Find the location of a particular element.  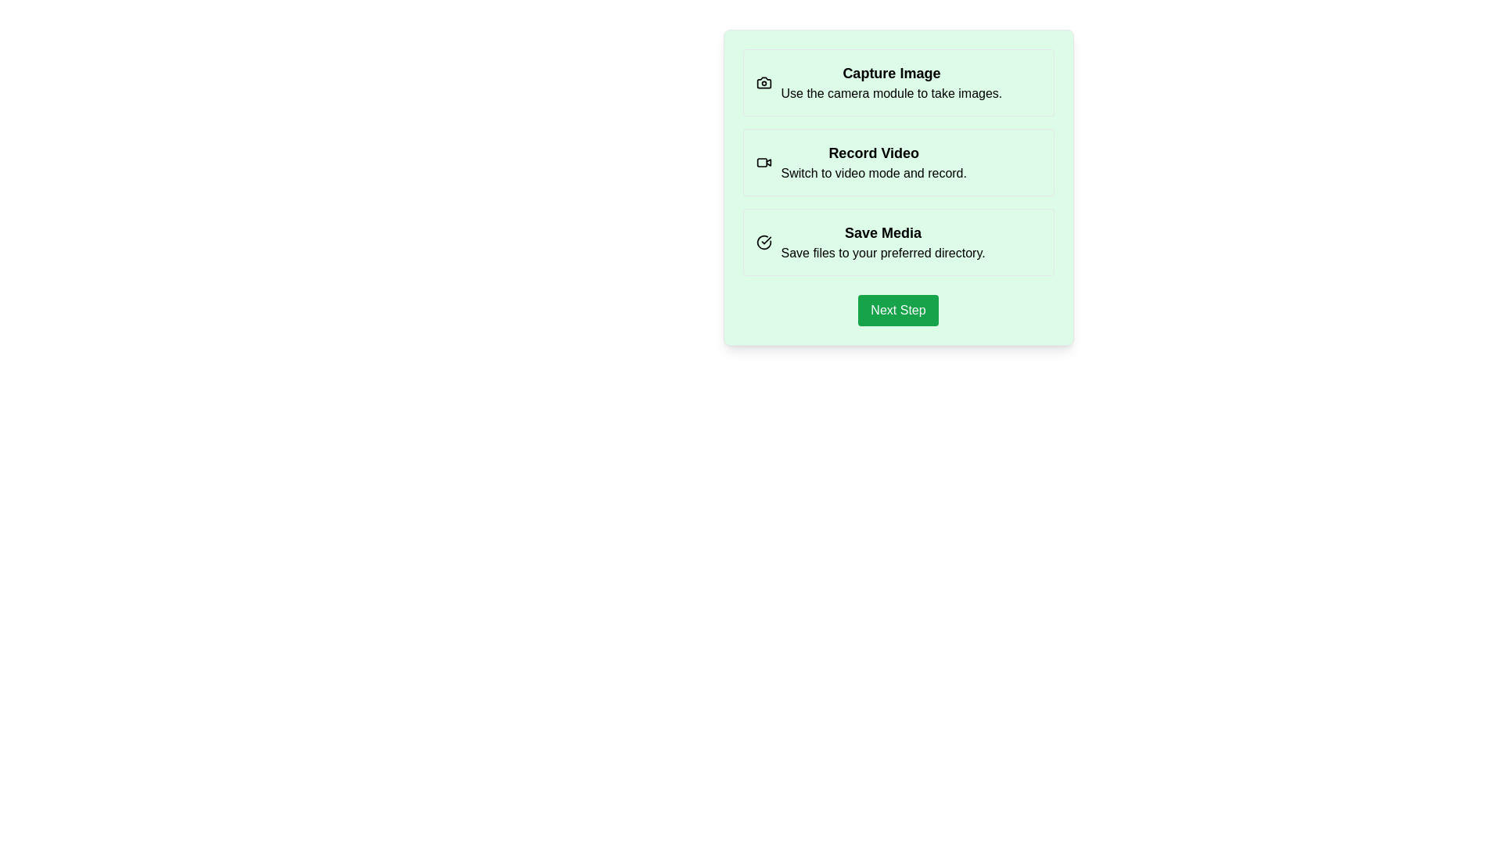

the circular outline icon with a checkmark, located to the left of the 'Save Media' text is located at coordinates (764, 242).